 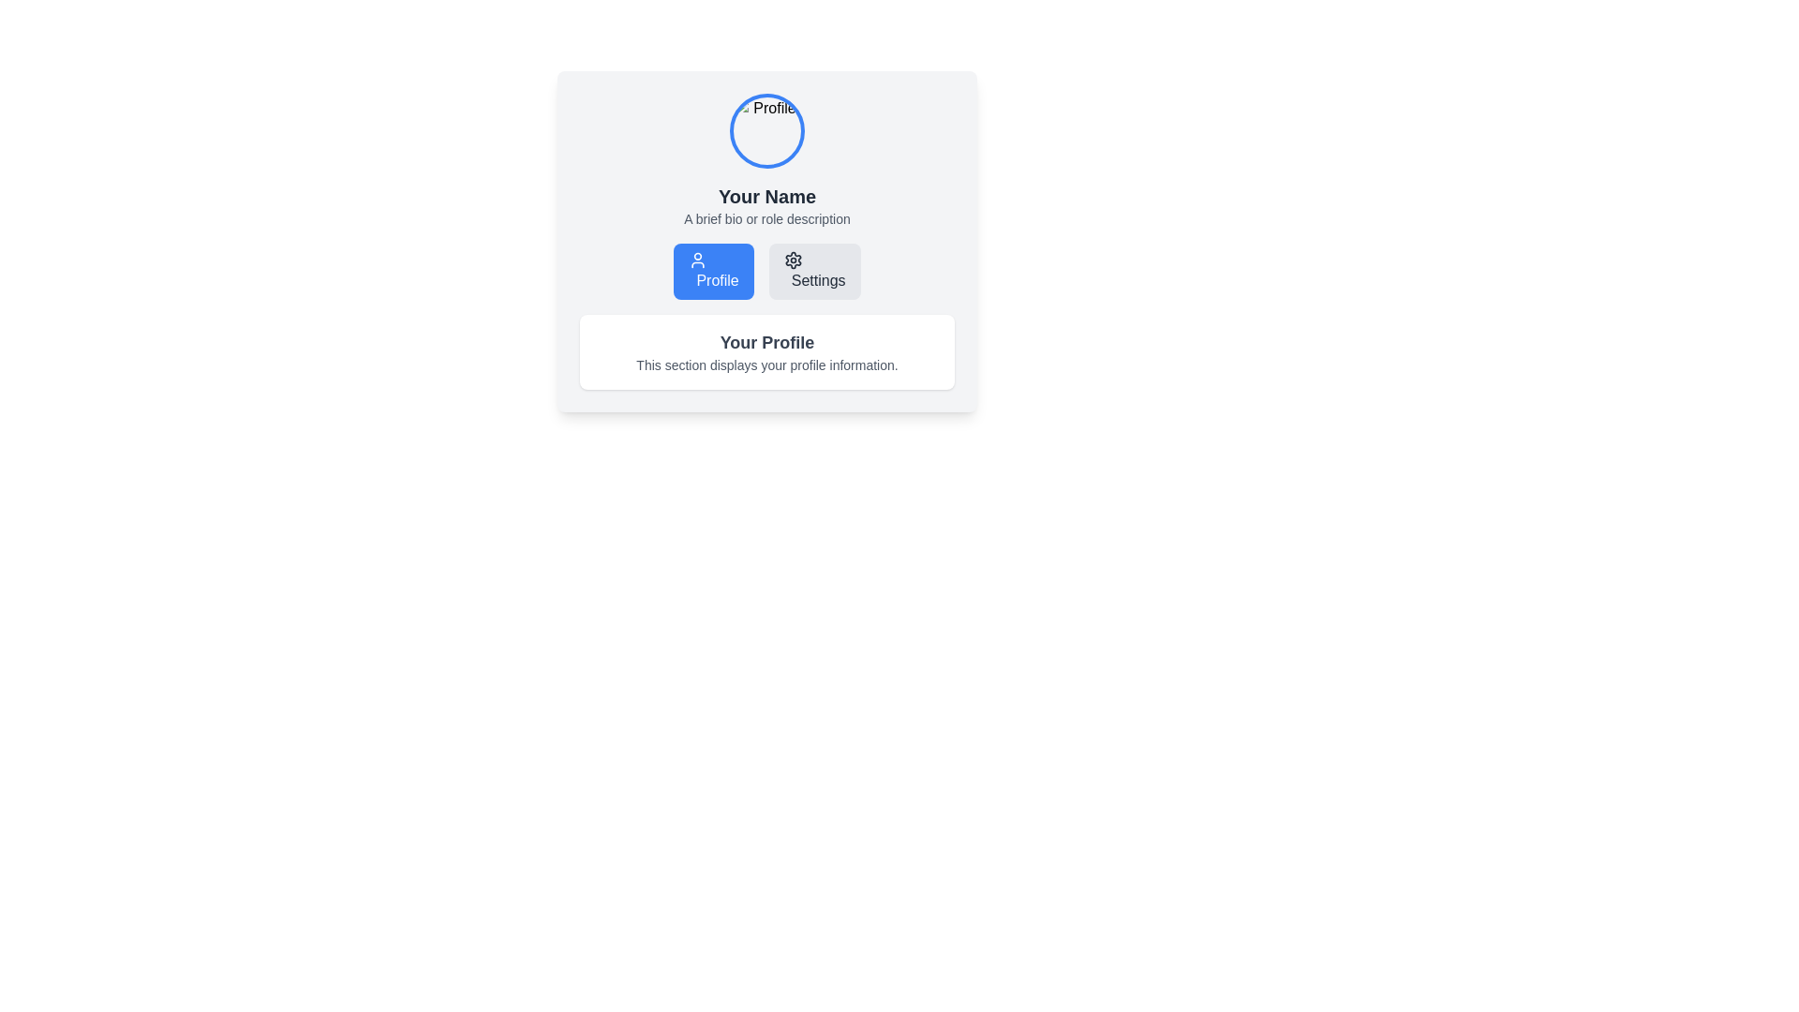 What do you see at coordinates (767, 351) in the screenshot?
I see `the central text block that provides a heading and description for the profile section to understand the context of the section` at bounding box center [767, 351].